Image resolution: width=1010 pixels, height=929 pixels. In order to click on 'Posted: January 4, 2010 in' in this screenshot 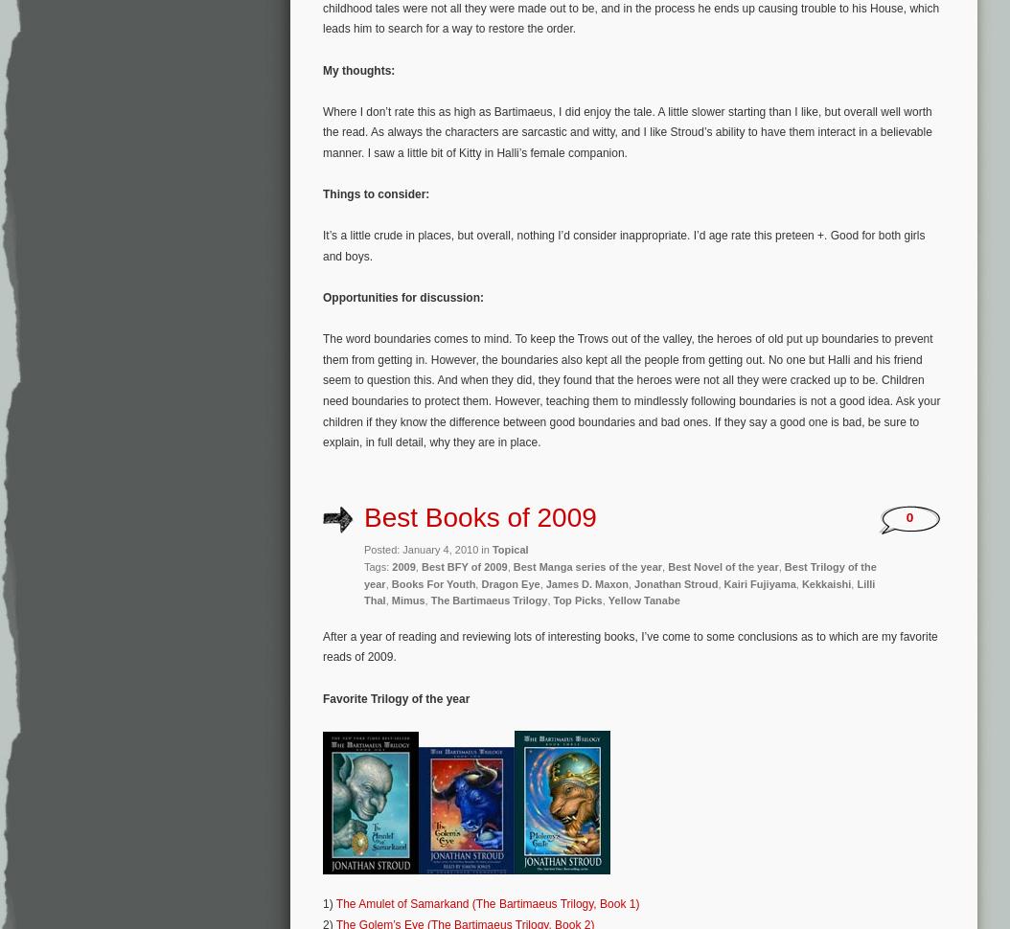, I will do `click(427, 549)`.